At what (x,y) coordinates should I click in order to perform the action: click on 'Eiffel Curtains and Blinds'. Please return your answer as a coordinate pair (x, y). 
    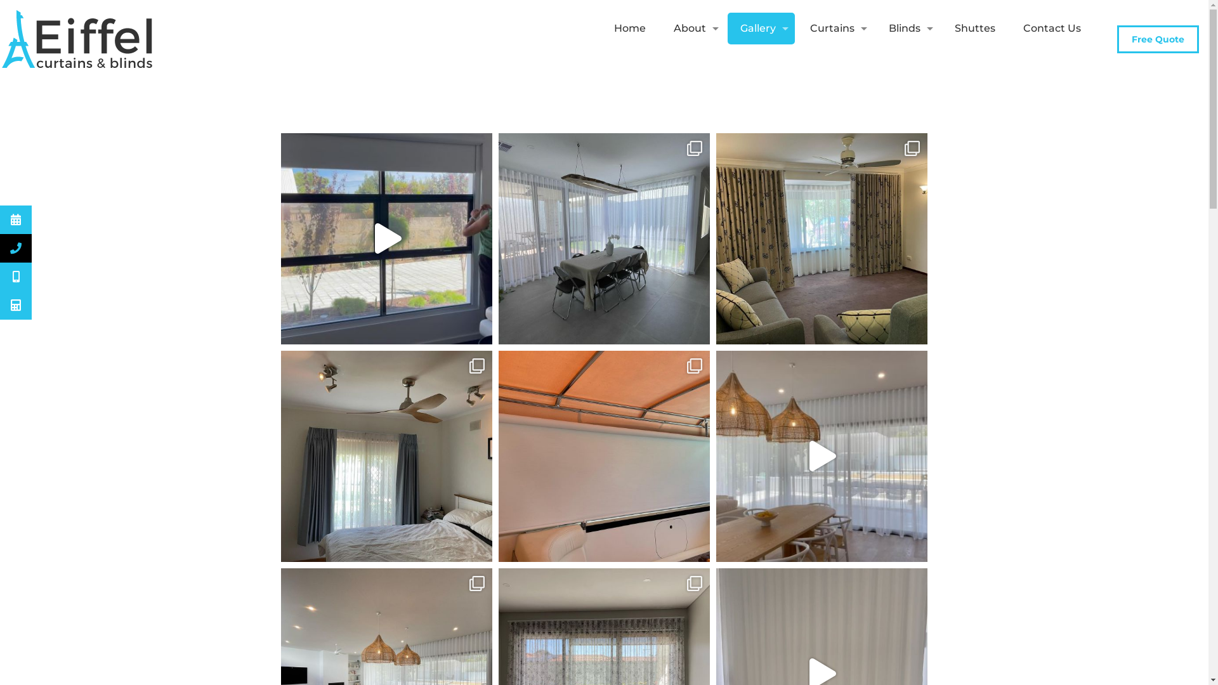
    Looking at the image, I should click on (78, 37).